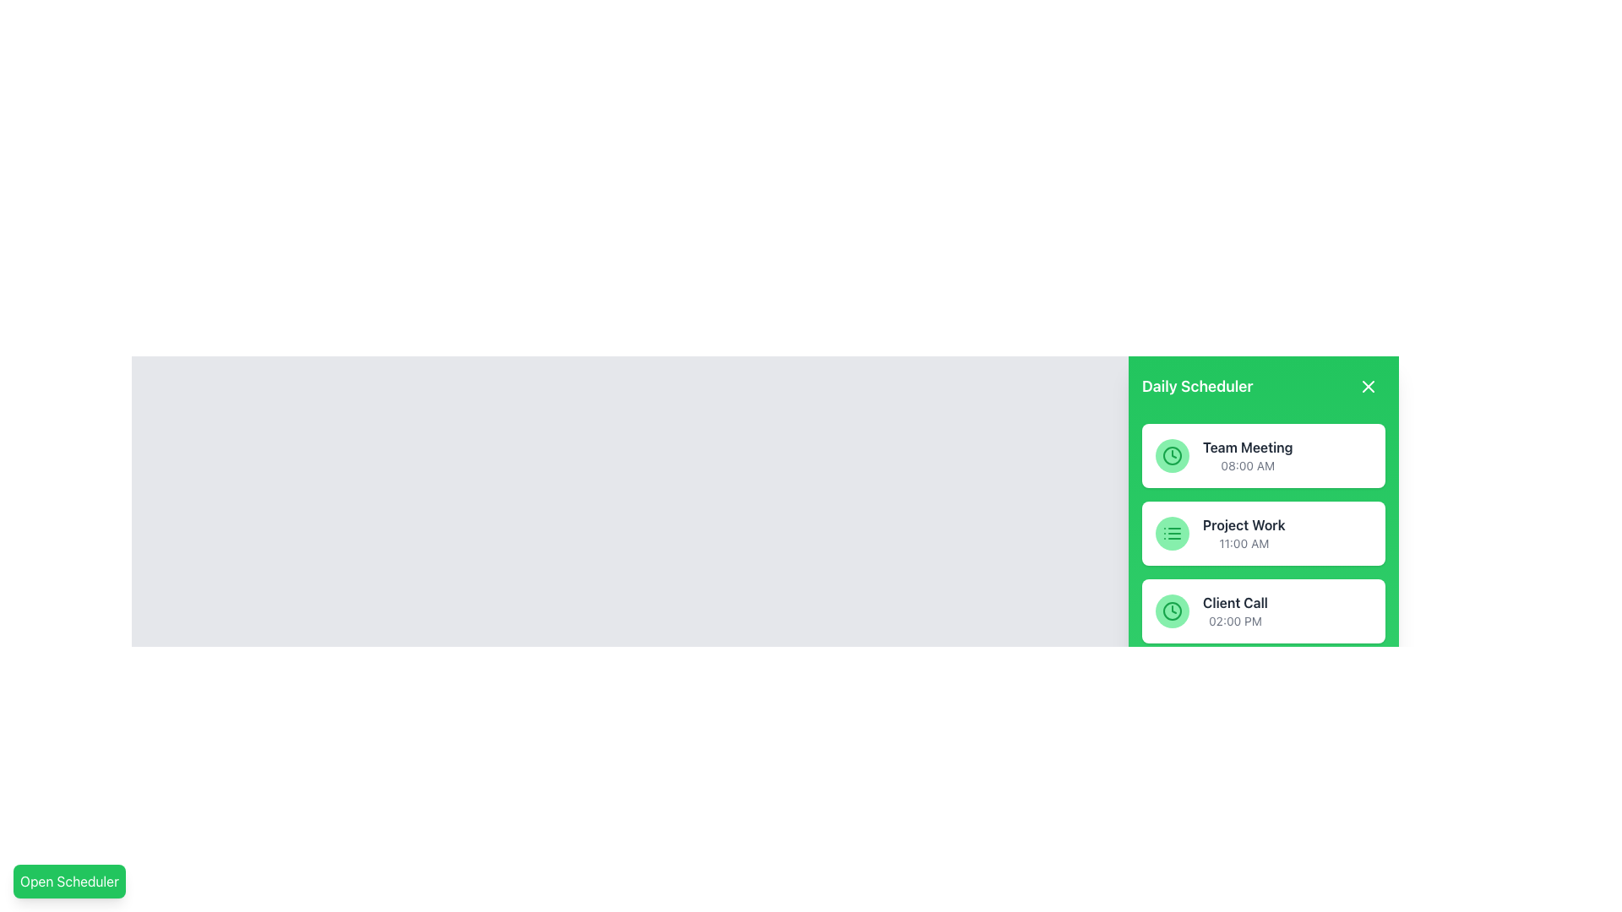 This screenshot has height=912, width=1622. Describe the element at coordinates (1369, 387) in the screenshot. I see `the small circular button with a white 'X' icon, located in the top-right corner of the green panel titled 'Daily Scheduler'` at that location.